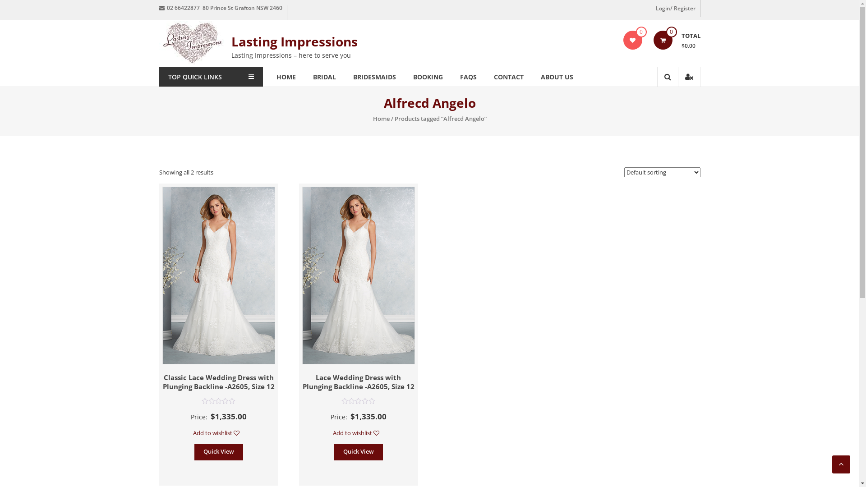 This screenshot has width=866, height=487. What do you see at coordinates (358, 432) in the screenshot?
I see `'Add to wishlist'` at bounding box center [358, 432].